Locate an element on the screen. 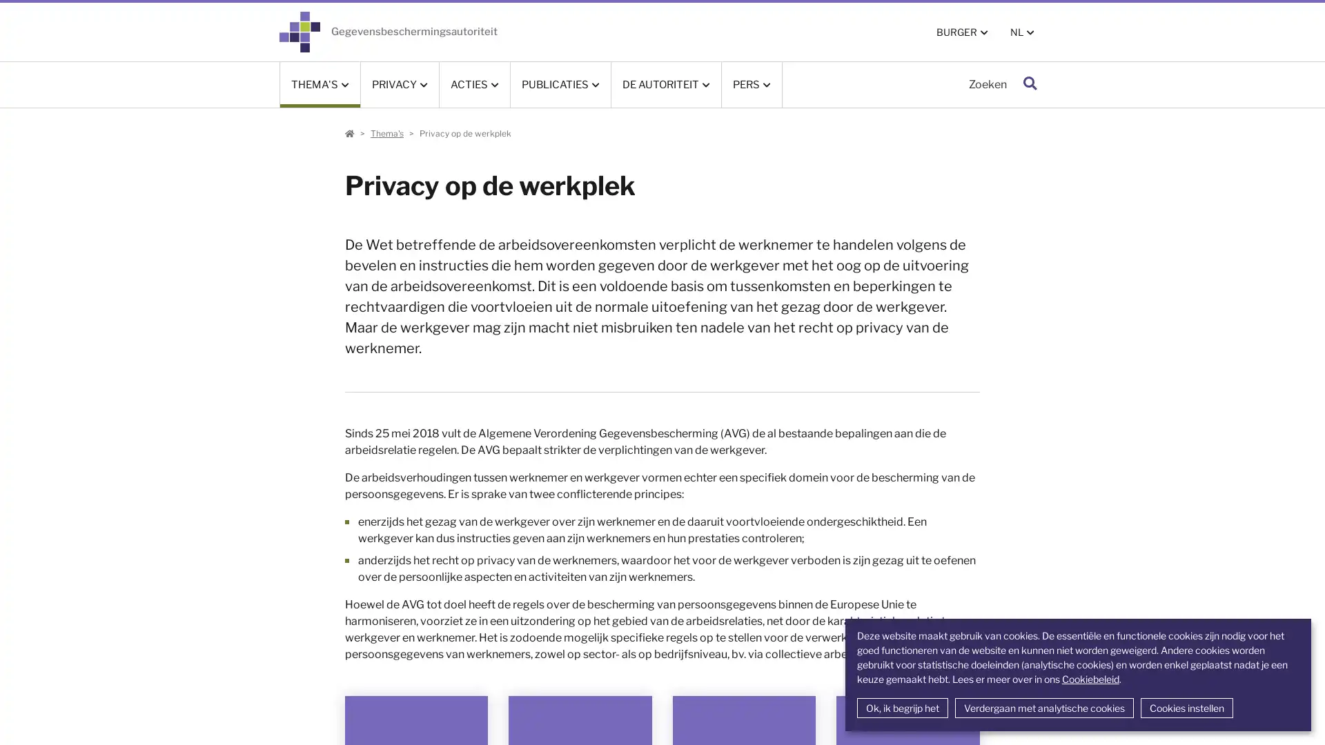  Ok, ik begrijp het is located at coordinates (901, 708).